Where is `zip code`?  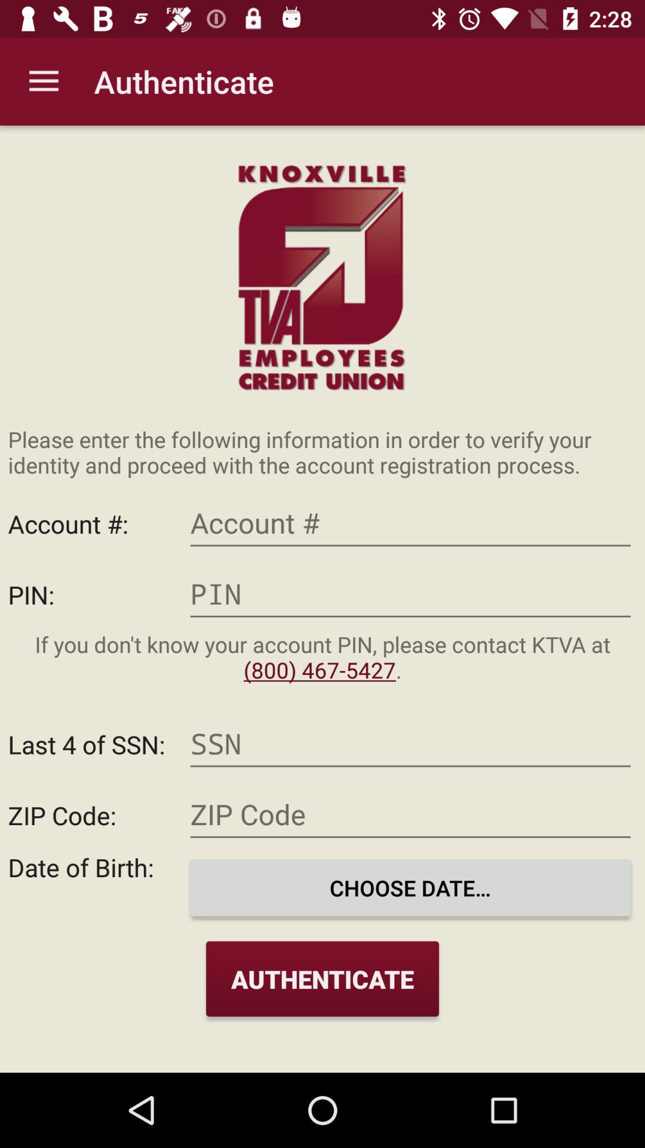 zip code is located at coordinates (410, 814).